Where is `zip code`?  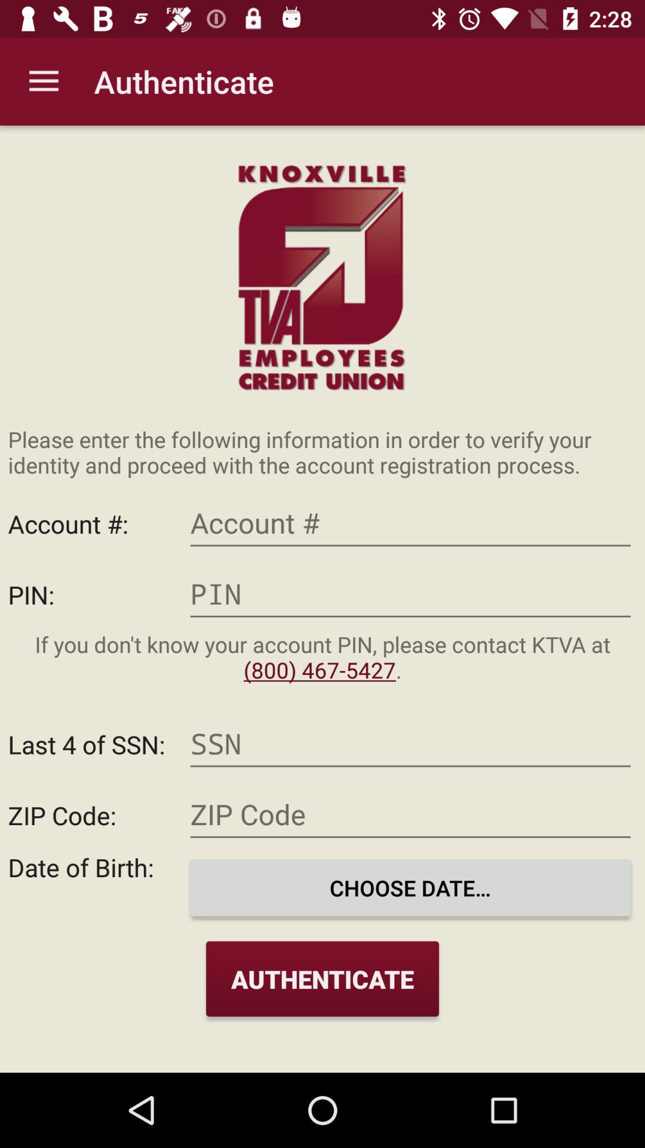 zip code is located at coordinates (410, 814).